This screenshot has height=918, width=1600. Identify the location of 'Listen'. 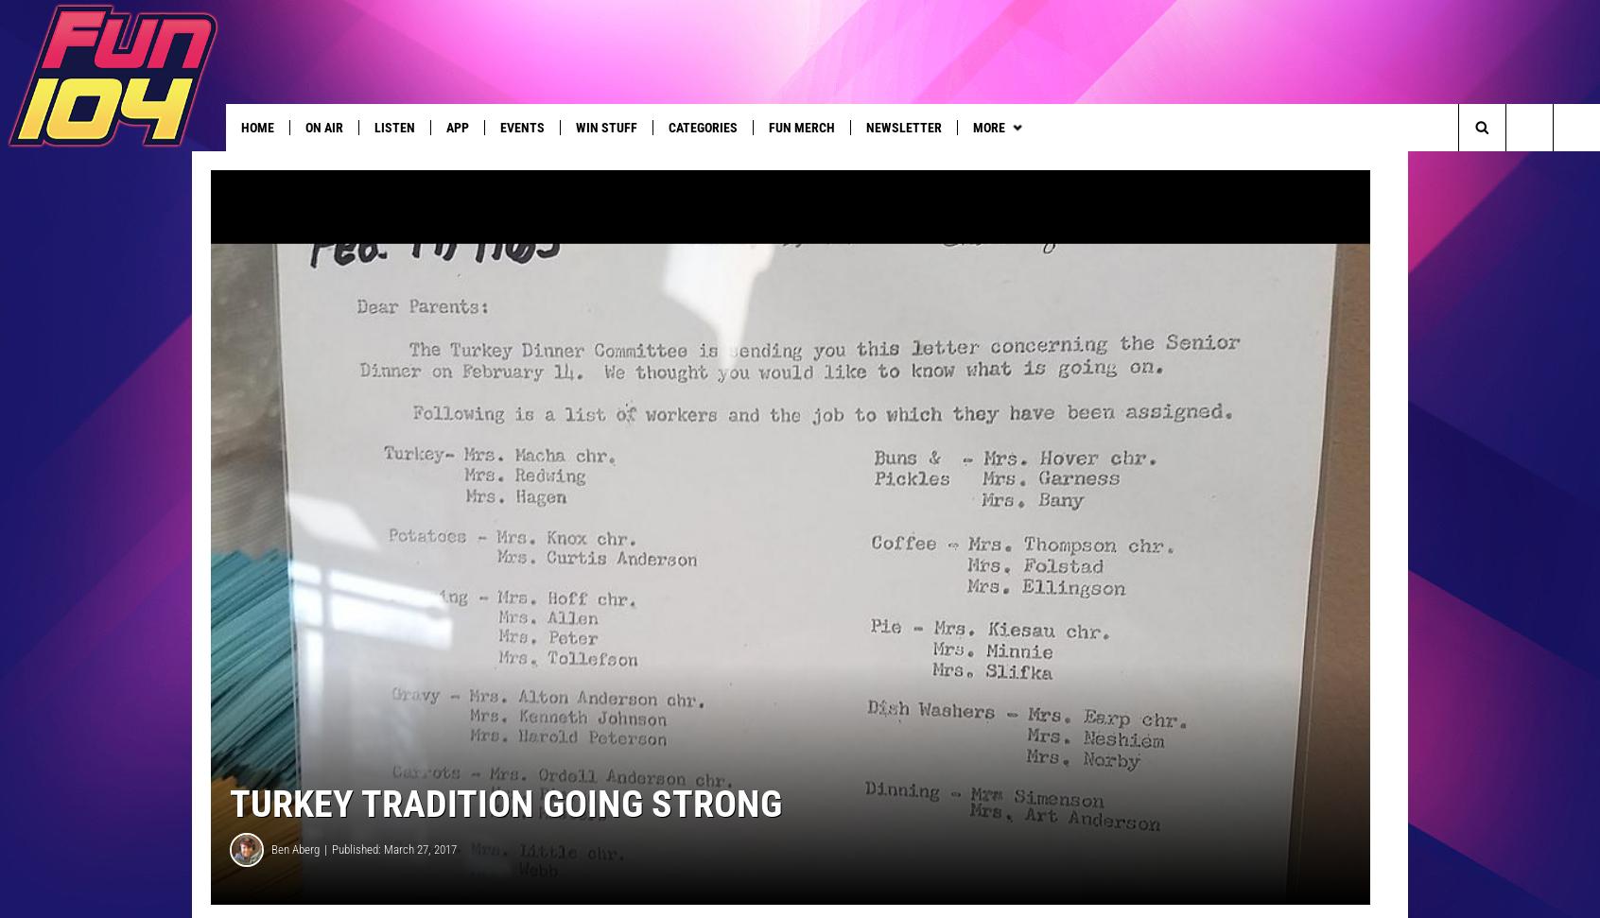
(394, 127).